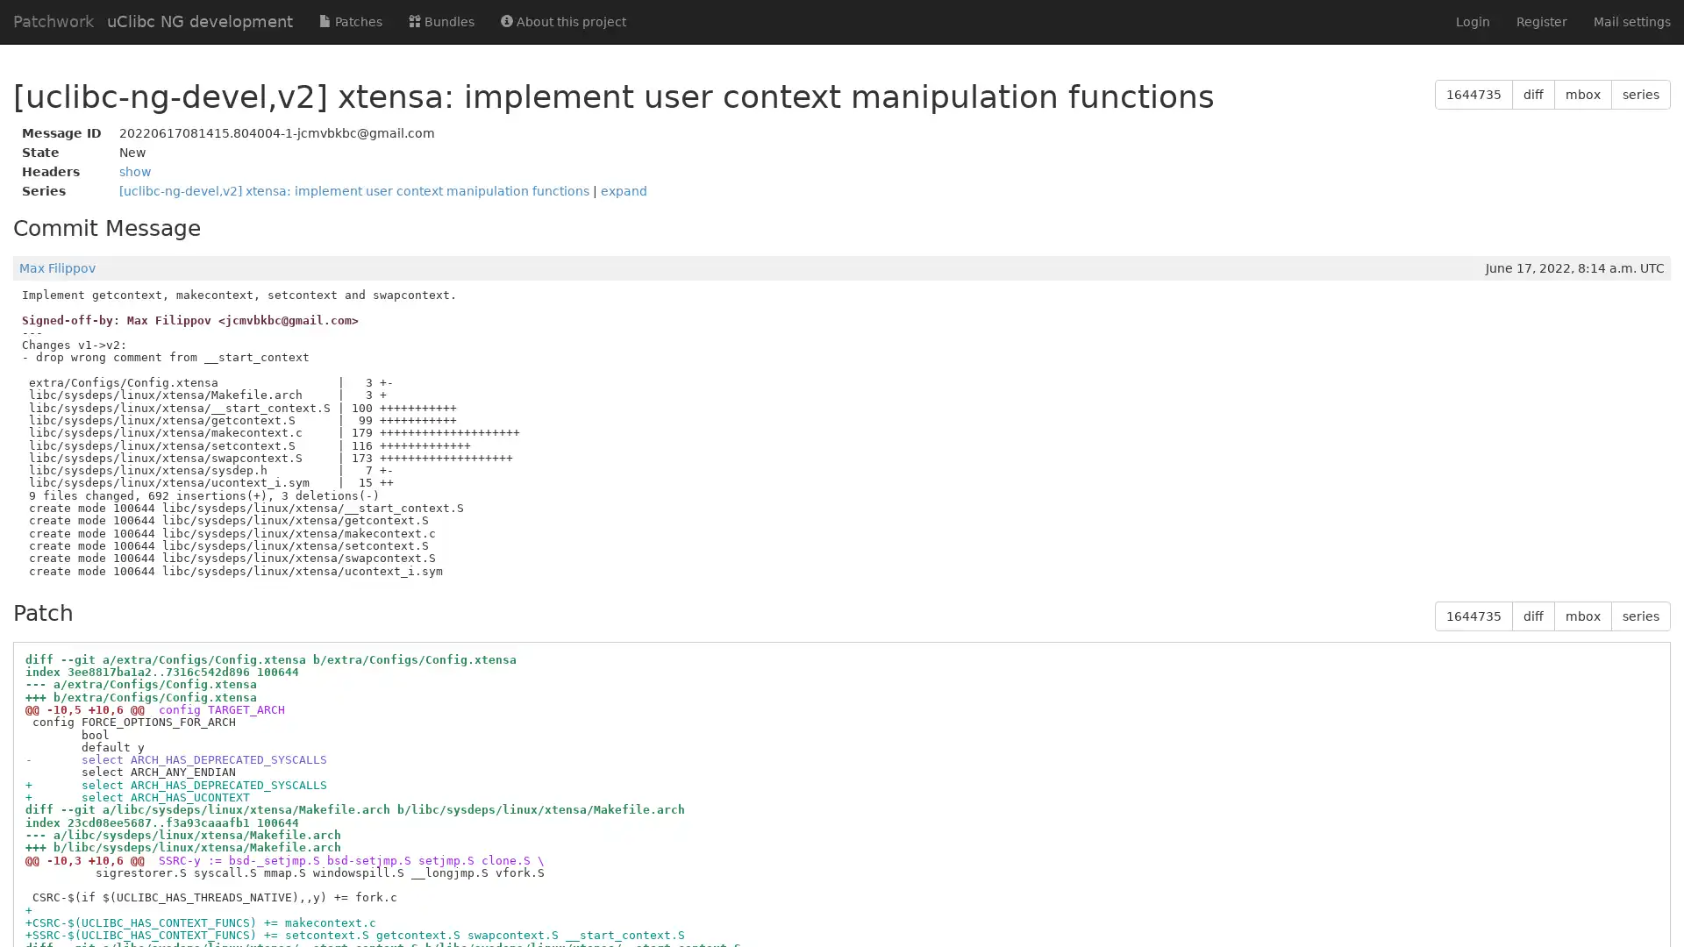  What do you see at coordinates (1640, 95) in the screenshot?
I see `series` at bounding box center [1640, 95].